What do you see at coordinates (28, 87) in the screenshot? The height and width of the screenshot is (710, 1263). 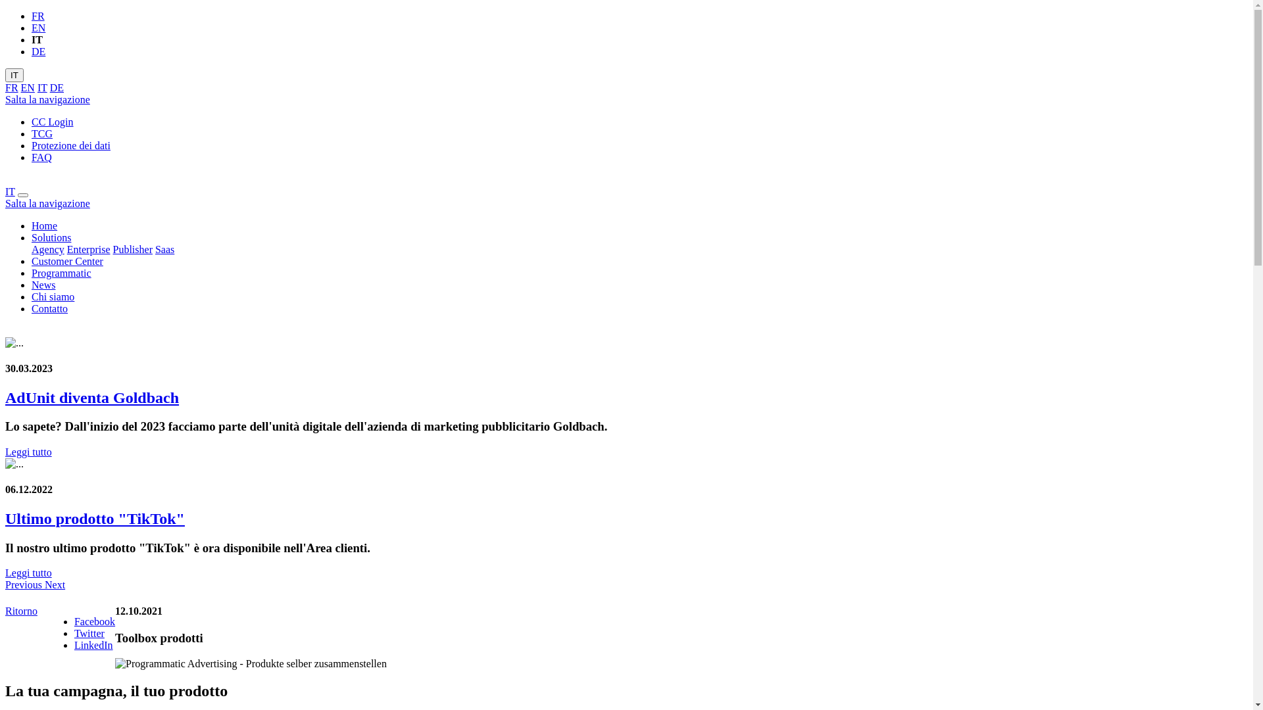 I see `'EN'` at bounding box center [28, 87].